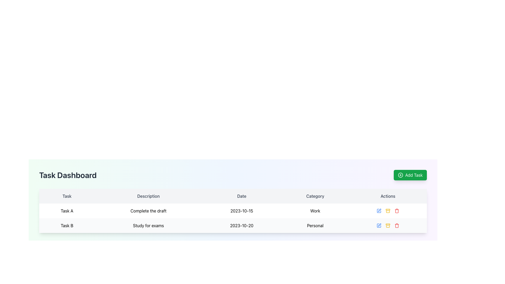 This screenshot has height=284, width=505. I want to click on the red garbage bin icon located in the Action column of the second task row, so click(397, 226).